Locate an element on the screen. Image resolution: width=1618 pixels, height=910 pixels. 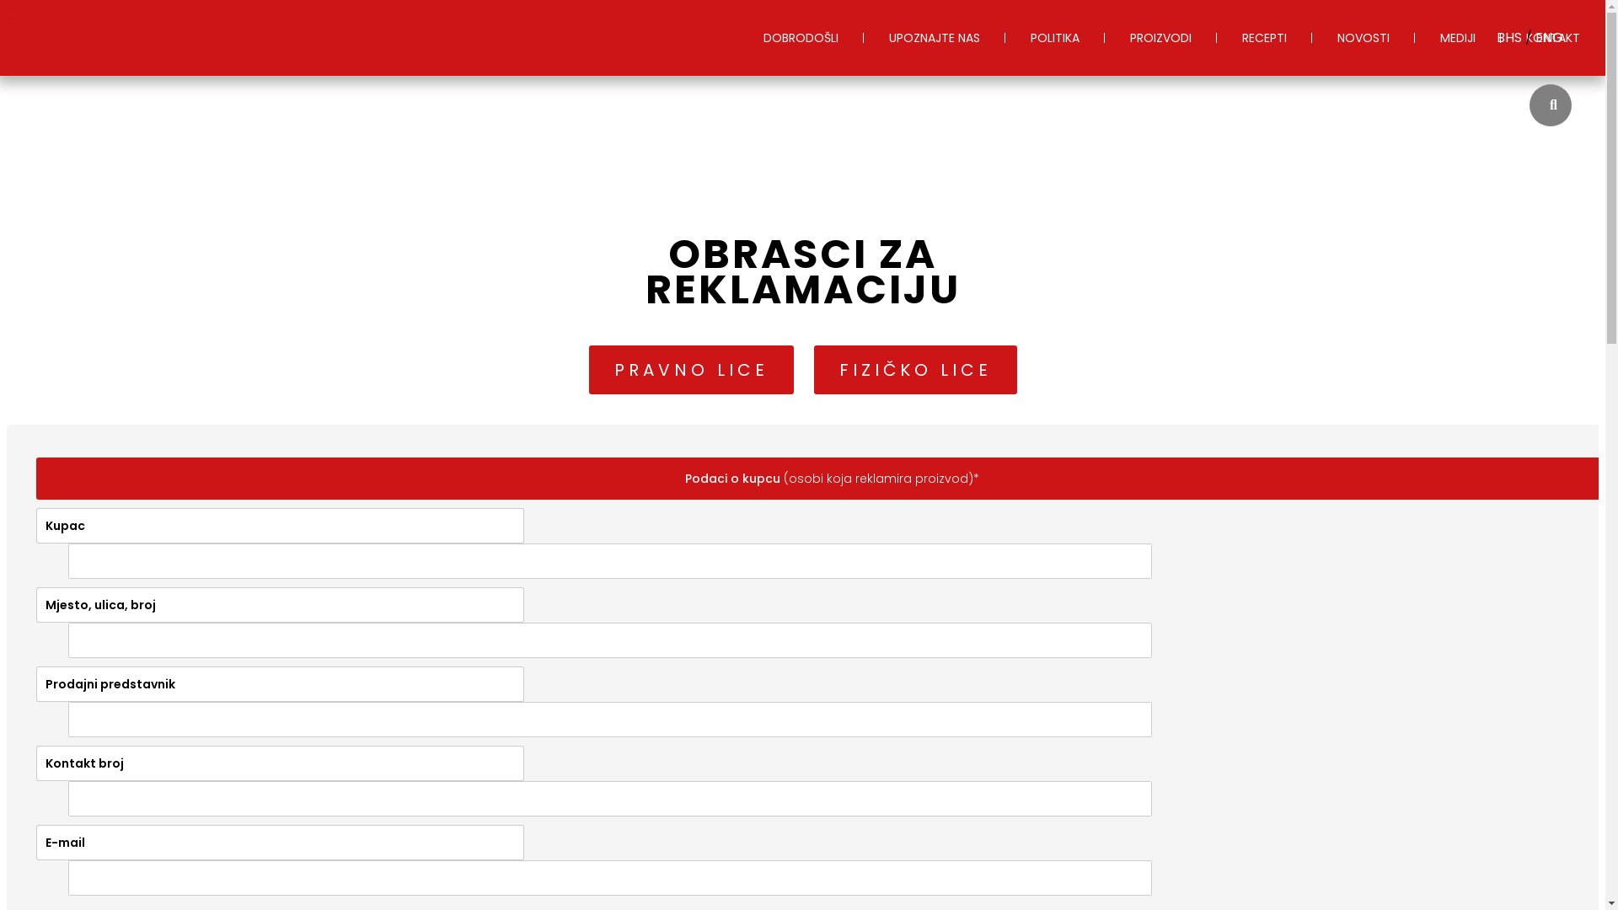
'POLITIKA' is located at coordinates (1054, 38).